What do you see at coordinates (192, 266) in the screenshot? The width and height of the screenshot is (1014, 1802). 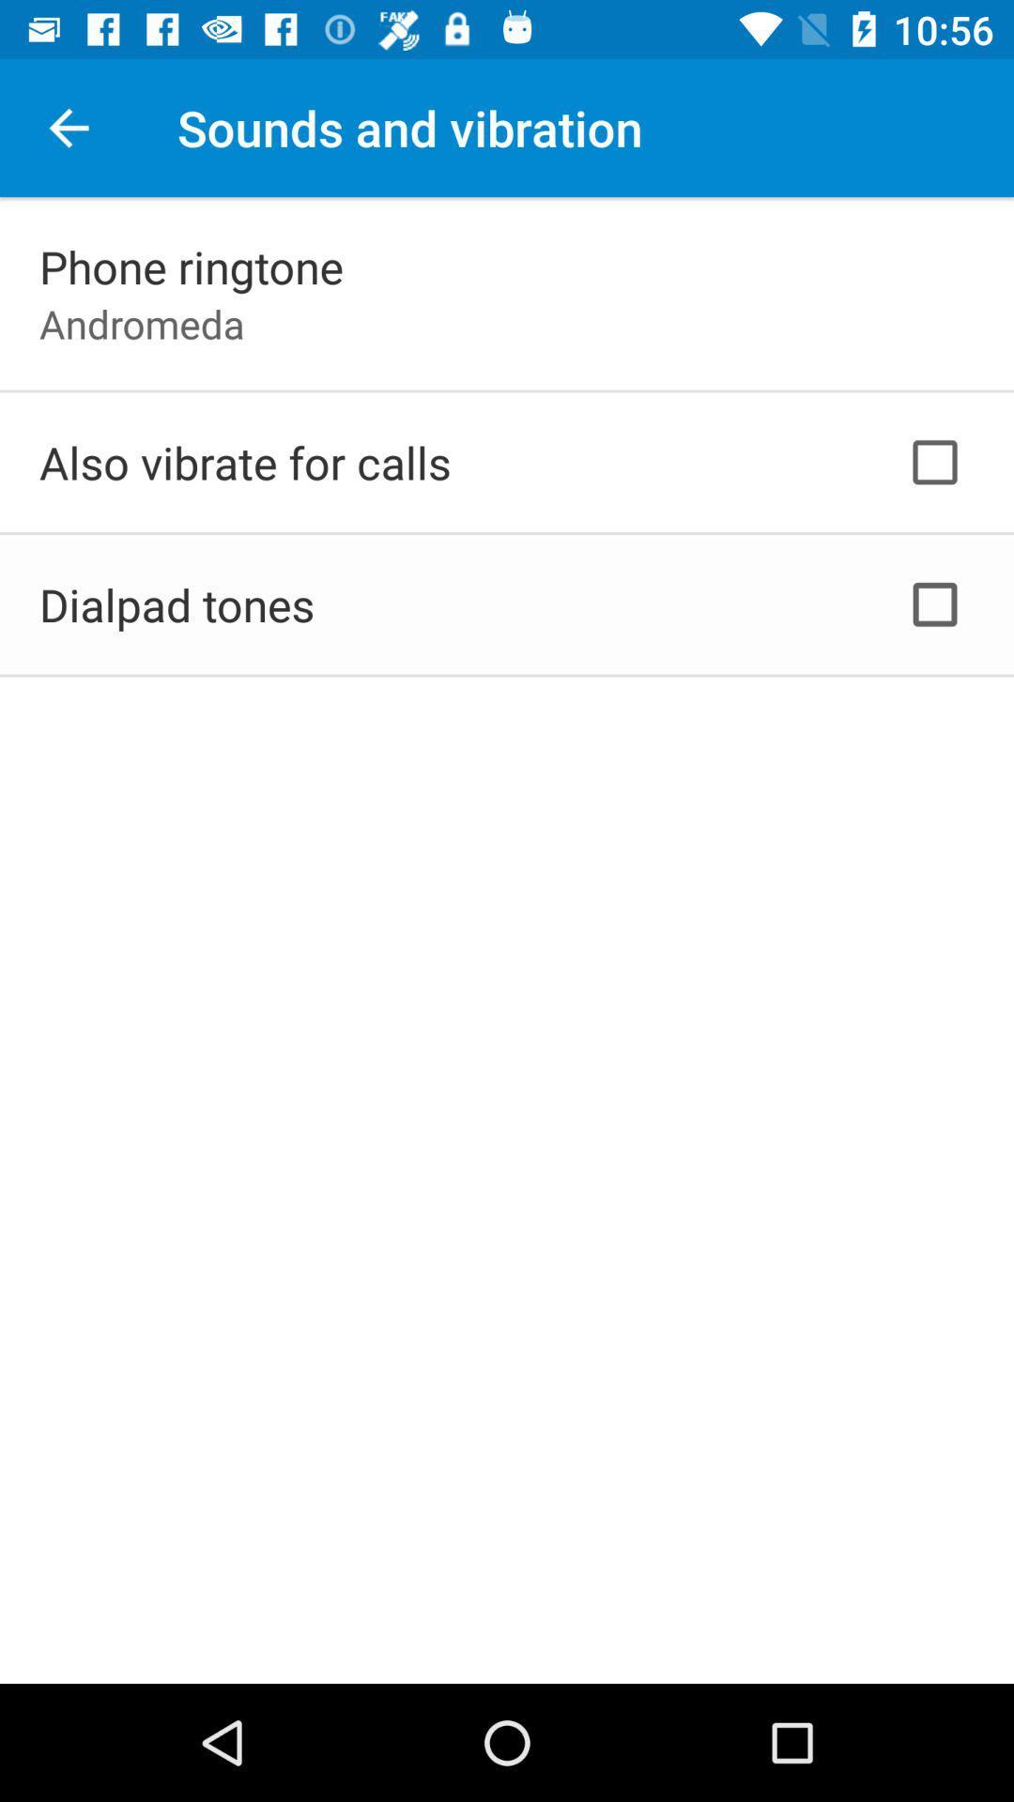 I see `the phone ringtone` at bounding box center [192, 266].